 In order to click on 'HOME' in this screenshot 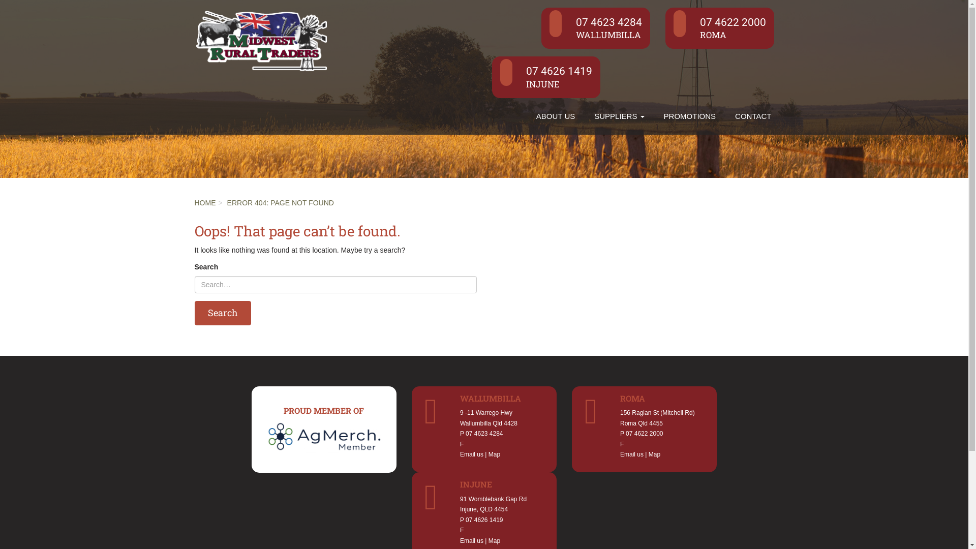, I will do `click(204, 202)`.